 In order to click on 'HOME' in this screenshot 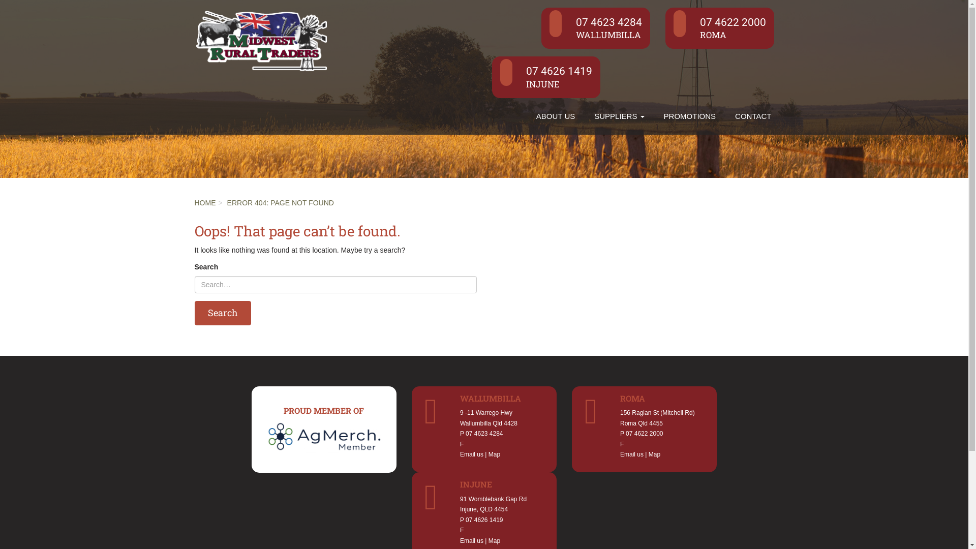, I will do `click(204, 202)`.